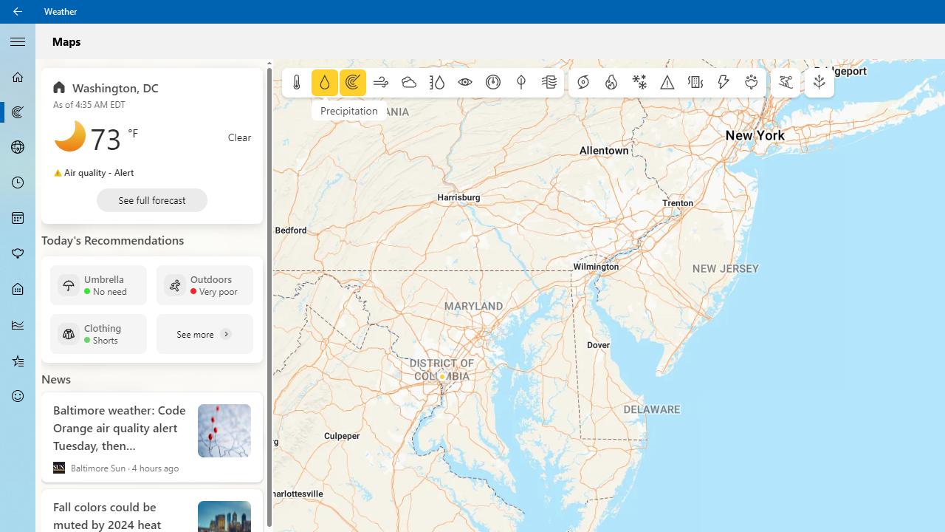 The height and width of the screenshot is (532, 945). Describe the element at coordinates (18, 395) in the screenshot. I see `'Send Feedback - Not Selected'` at that location.